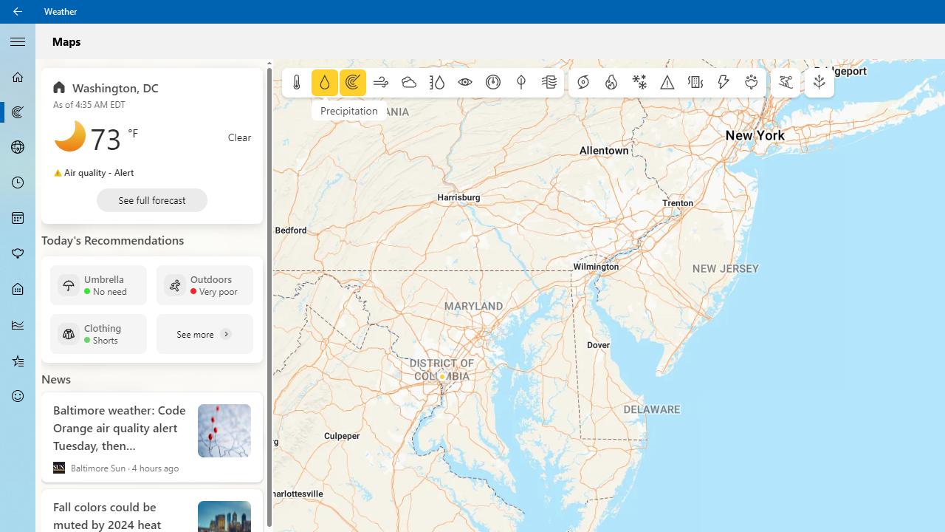 The height and width of the screenshot is (532, 945). Describe the element at coordinates (18, 395) in the screenshot. I see `'Send Feedback - Not Selected'` at that location.